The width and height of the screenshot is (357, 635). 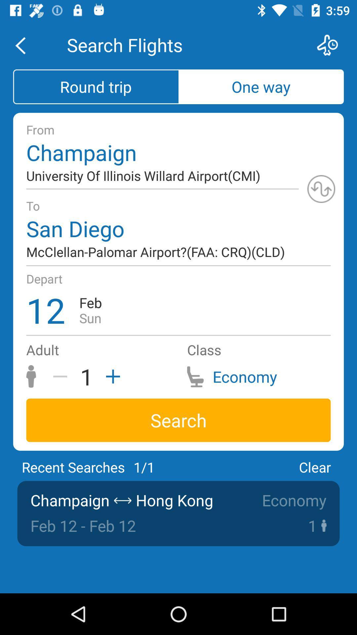 I want to click on book flight, so click(x=332, y=45).